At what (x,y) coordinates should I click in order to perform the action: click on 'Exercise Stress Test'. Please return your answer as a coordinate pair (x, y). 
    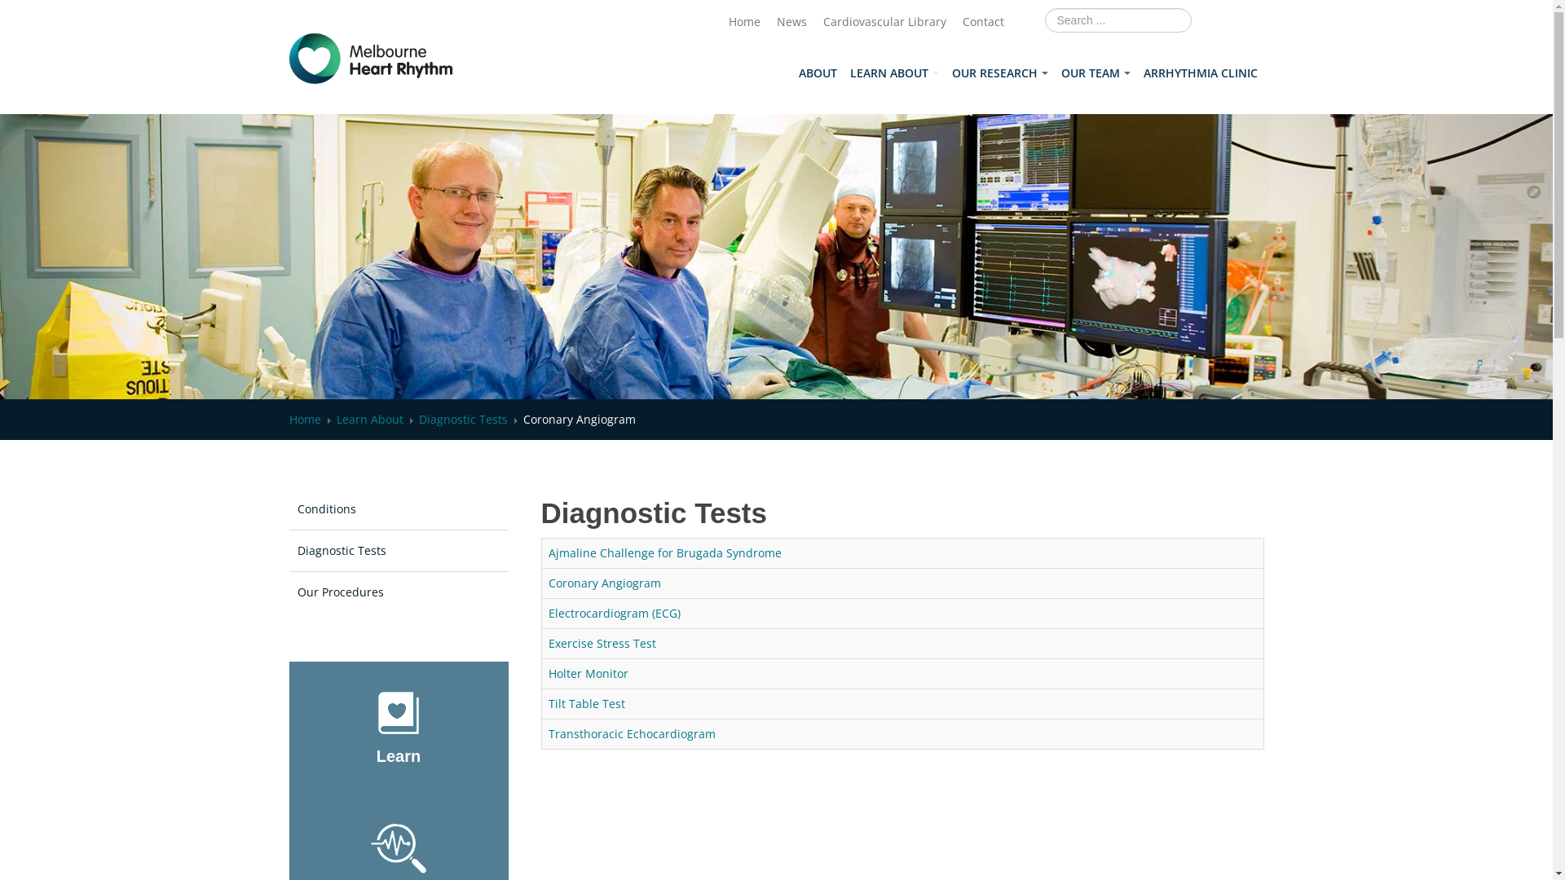
    Looking at the image, I should click on (548, 642).